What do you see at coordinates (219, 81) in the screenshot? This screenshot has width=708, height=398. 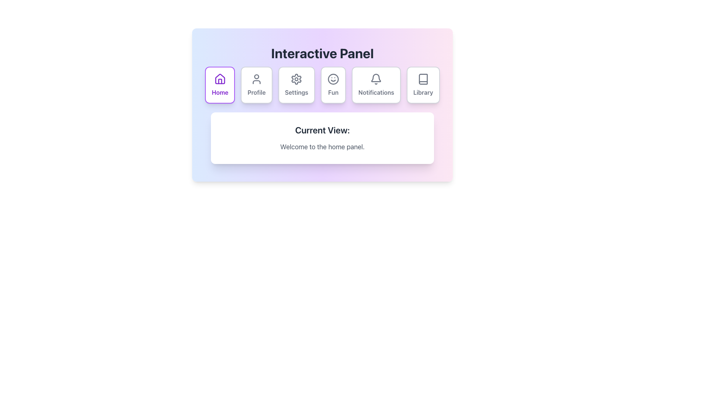 I see `the visual properties of the door element within the house icon located at the top-center of the interface` at bounding box center [219, 81].